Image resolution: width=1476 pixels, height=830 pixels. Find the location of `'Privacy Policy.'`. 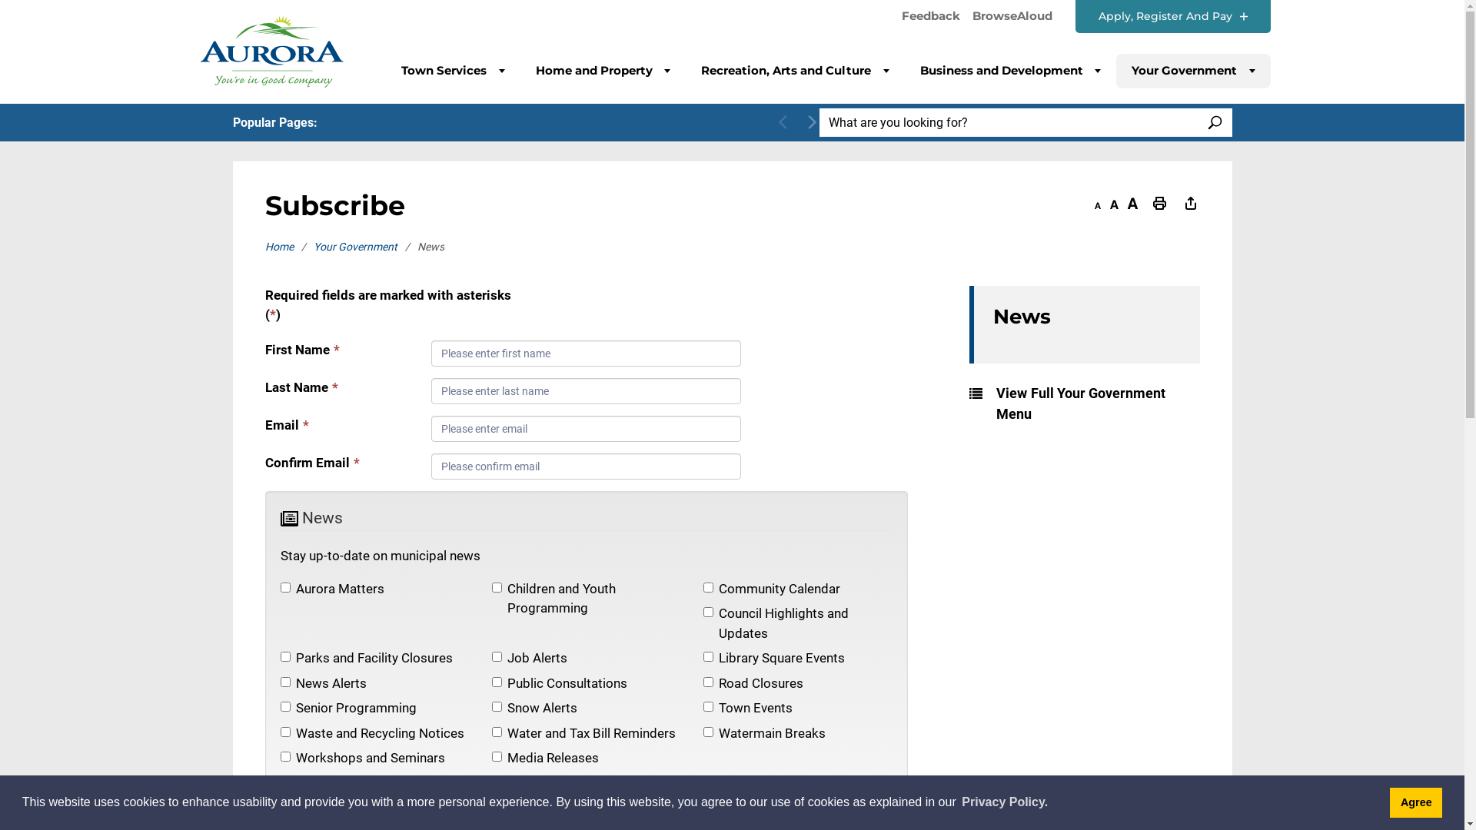

'Privacy Policy.' is located at coordinates (1004, 802).